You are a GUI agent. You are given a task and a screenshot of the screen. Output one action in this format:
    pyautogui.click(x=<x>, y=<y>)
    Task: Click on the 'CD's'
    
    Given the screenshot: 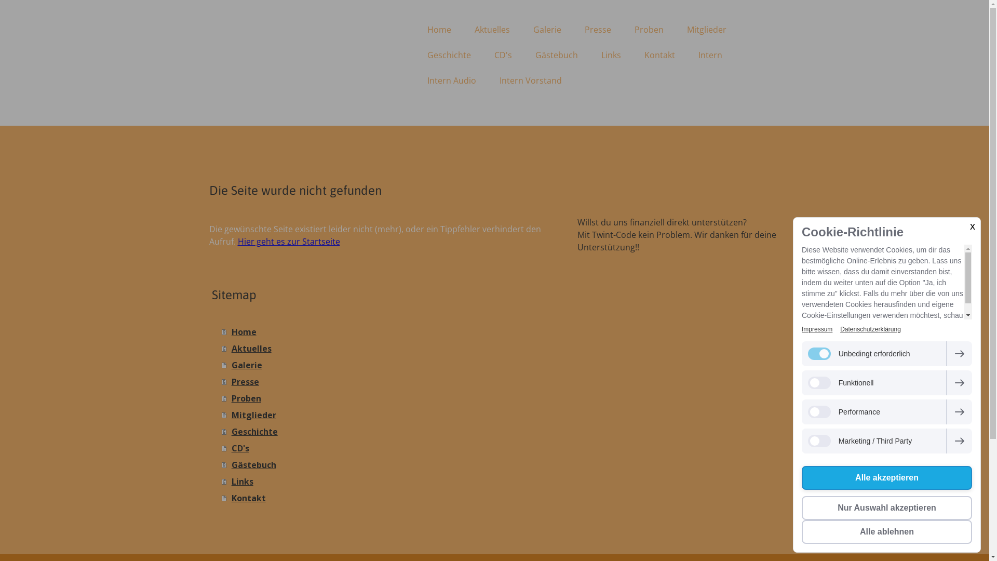 What is the action you would take?
    pyautogui.click(x=503, y=55)
    